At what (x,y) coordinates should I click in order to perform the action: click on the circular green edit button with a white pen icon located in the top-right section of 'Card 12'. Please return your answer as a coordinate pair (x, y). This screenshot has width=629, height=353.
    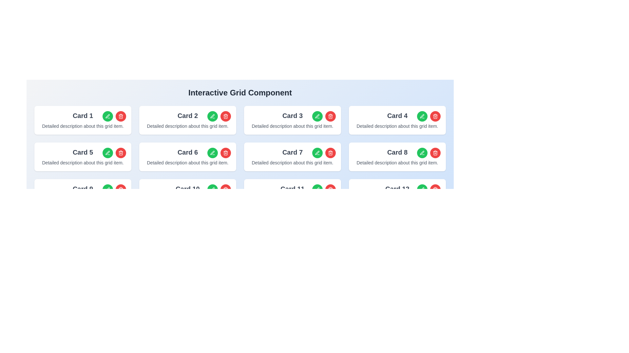
    Looking at the image, I should click on (422, 189).